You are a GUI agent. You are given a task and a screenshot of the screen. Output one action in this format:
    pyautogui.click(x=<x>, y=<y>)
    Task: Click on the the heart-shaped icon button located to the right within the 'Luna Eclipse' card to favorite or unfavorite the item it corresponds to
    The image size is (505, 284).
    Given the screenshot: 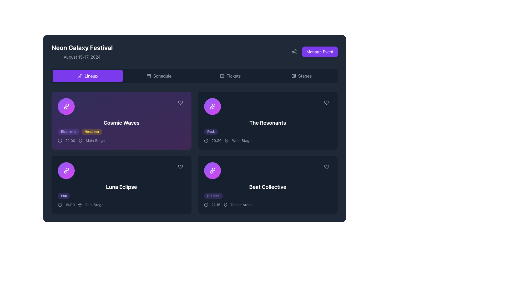 What is the action you would take?
    pyautogui.click(x=180, y=167)
    